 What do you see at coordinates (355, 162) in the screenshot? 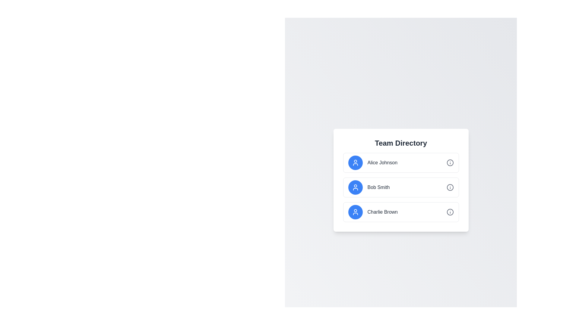
I see `the profile icon representing 'Alice Johnson', which is located as the leftmost part of the first row in the team directory list` at bounding box center [355, 162].